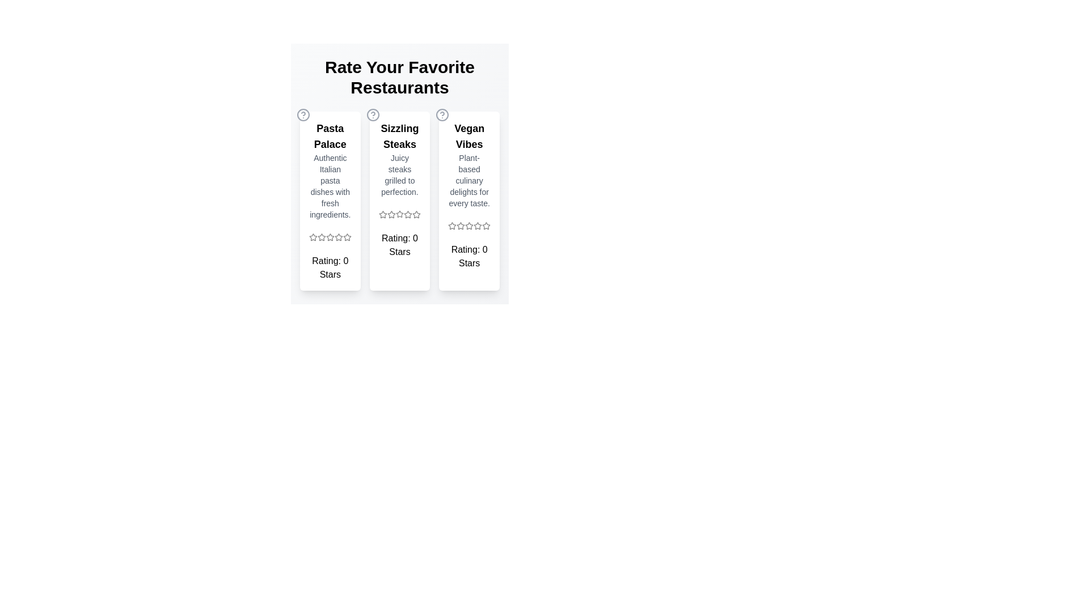 The height and width of the screenshot is (612, 1089). What do you see at coordinates (329, 237) in the screenshot?
I see `the star icon for 3 stars in the Pasta Palace section` at bounding box center [329, 237].